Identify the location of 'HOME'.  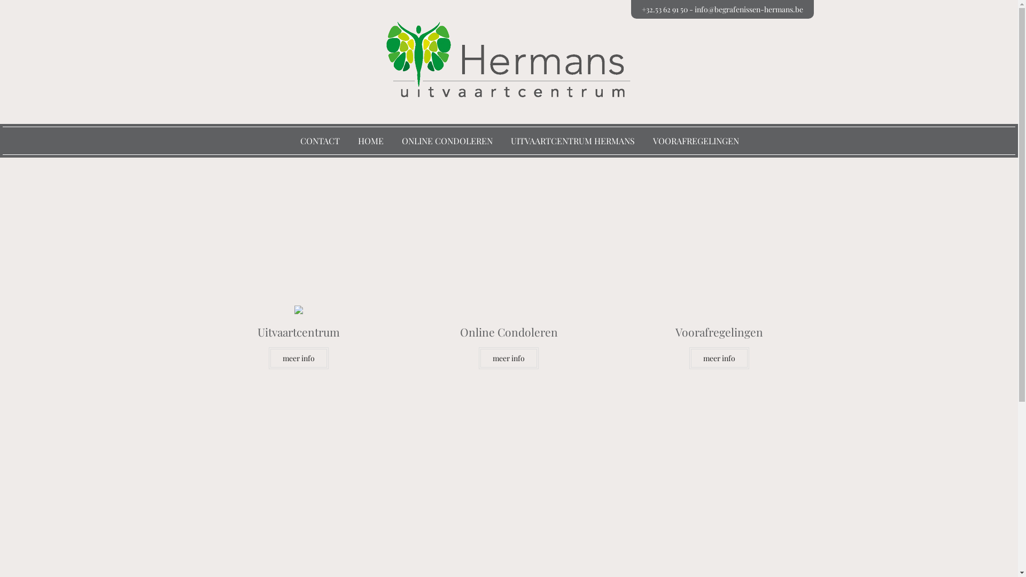
(358, 140).